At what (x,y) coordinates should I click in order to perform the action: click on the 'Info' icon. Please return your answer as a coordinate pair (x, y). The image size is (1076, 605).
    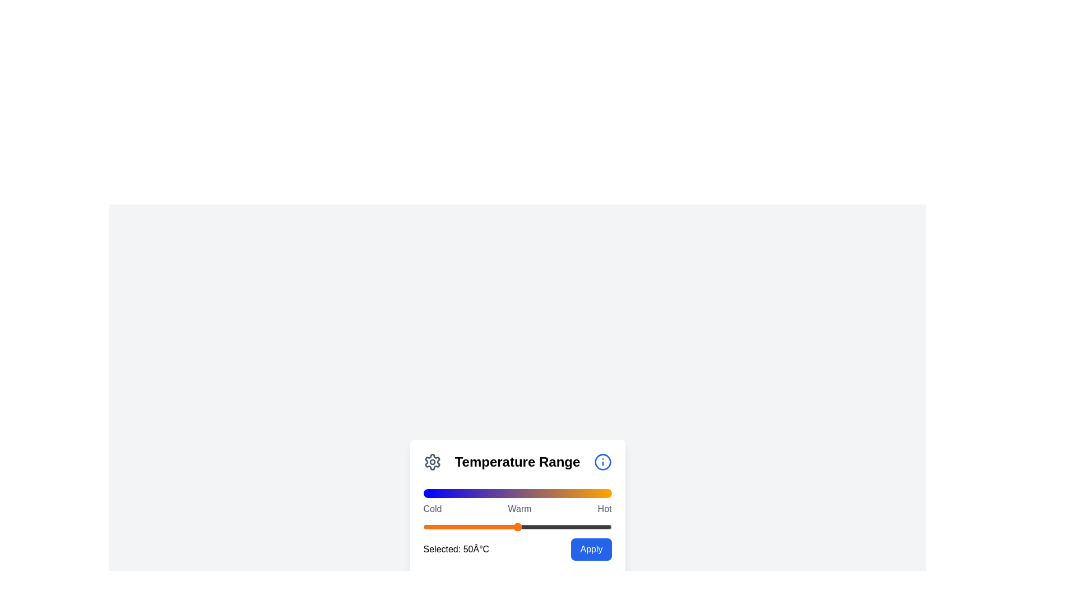
    Looking at the image, I should click on (602, 462).